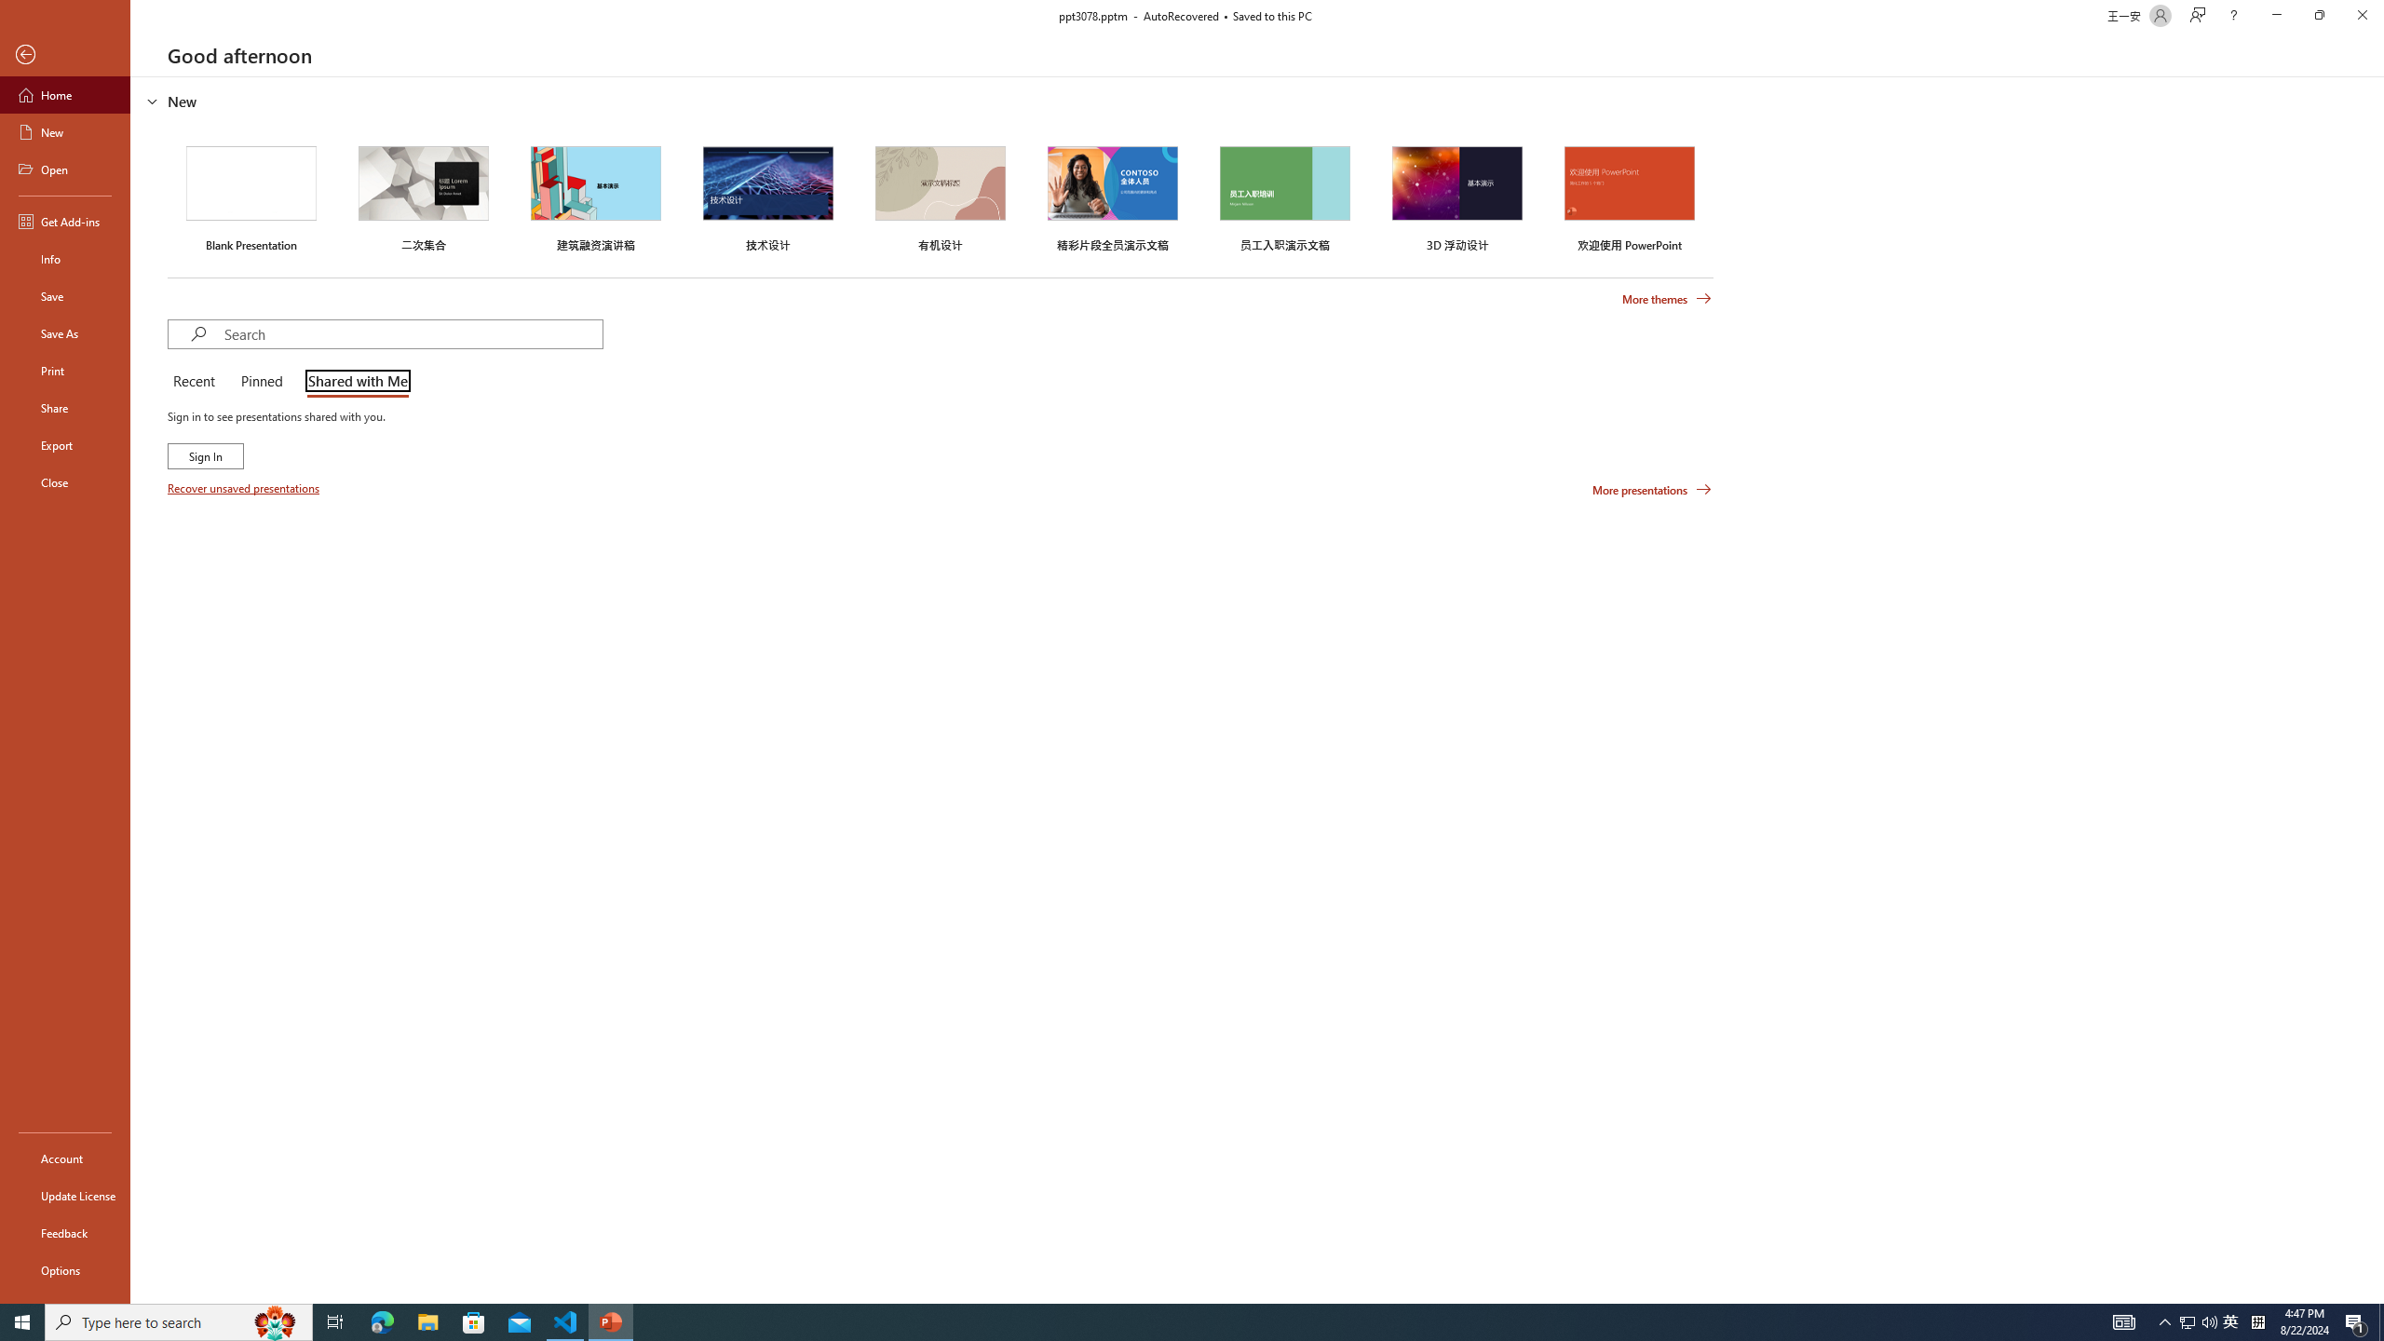 This screenshot has height=1341, width=2384. What do you see at coordinates (64, 1233) in the screenshot?
I see `'Feedback'` at bounding box center [64, 1233].